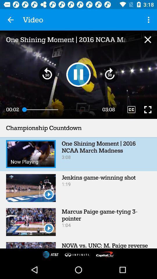  What do you see at coordinates (131, 109) in the screenshot?
I see `the item above the championship countdown item` at bounding box center [131, 109].